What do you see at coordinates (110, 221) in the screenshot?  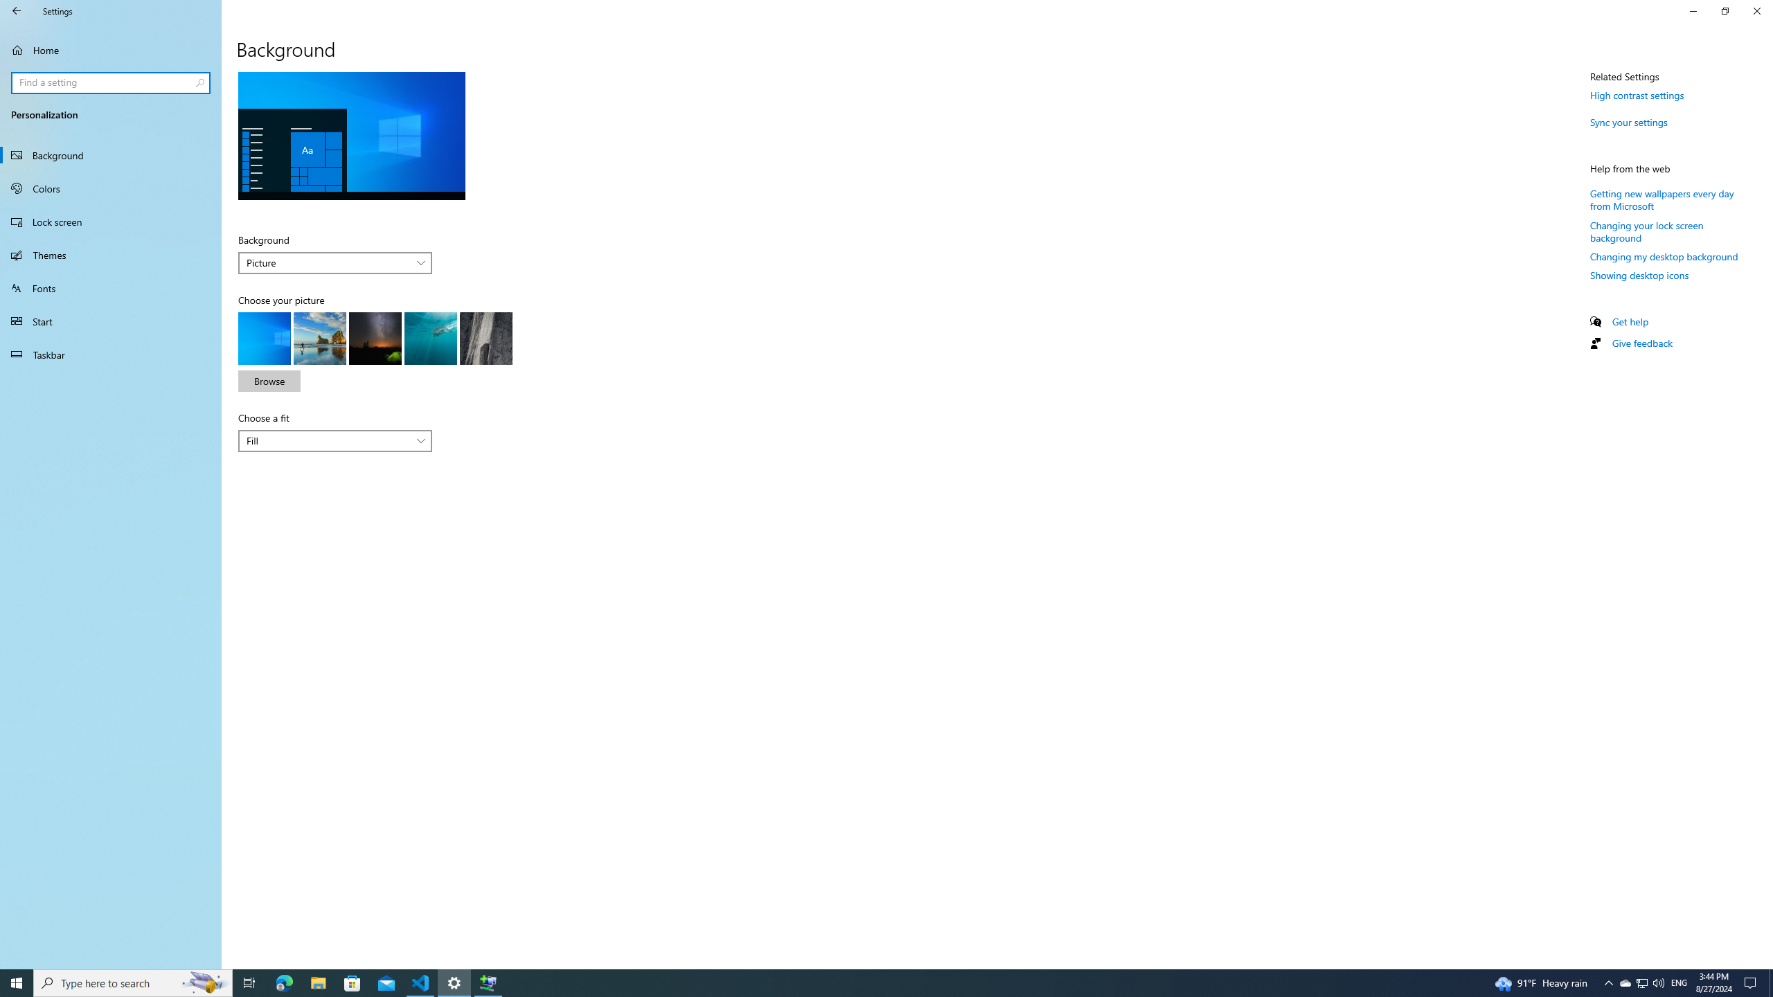 I see `'Lock screen'` at bounding box center [110, 221].